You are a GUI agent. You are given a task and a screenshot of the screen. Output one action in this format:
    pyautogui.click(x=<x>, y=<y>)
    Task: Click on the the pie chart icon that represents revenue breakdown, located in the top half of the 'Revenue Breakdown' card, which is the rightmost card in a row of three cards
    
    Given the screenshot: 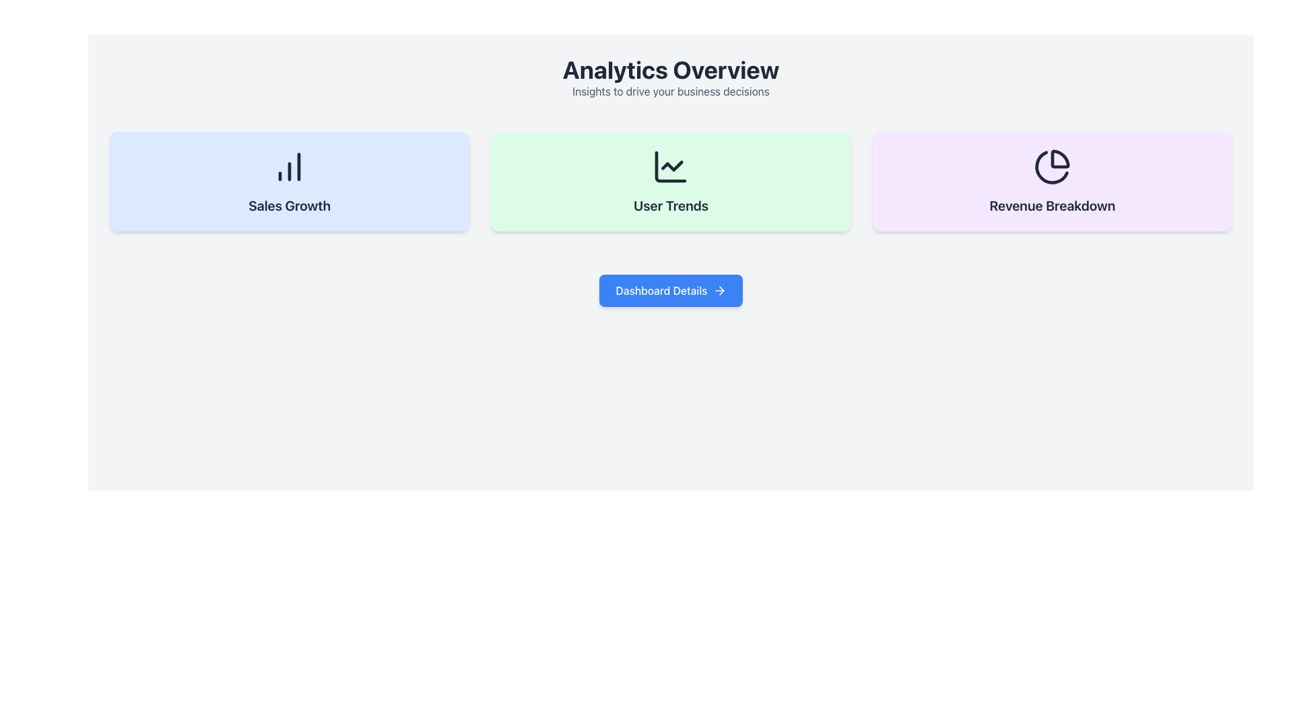 What is the action you would take?
    pyautogui.click(x=1051, y=166)
    